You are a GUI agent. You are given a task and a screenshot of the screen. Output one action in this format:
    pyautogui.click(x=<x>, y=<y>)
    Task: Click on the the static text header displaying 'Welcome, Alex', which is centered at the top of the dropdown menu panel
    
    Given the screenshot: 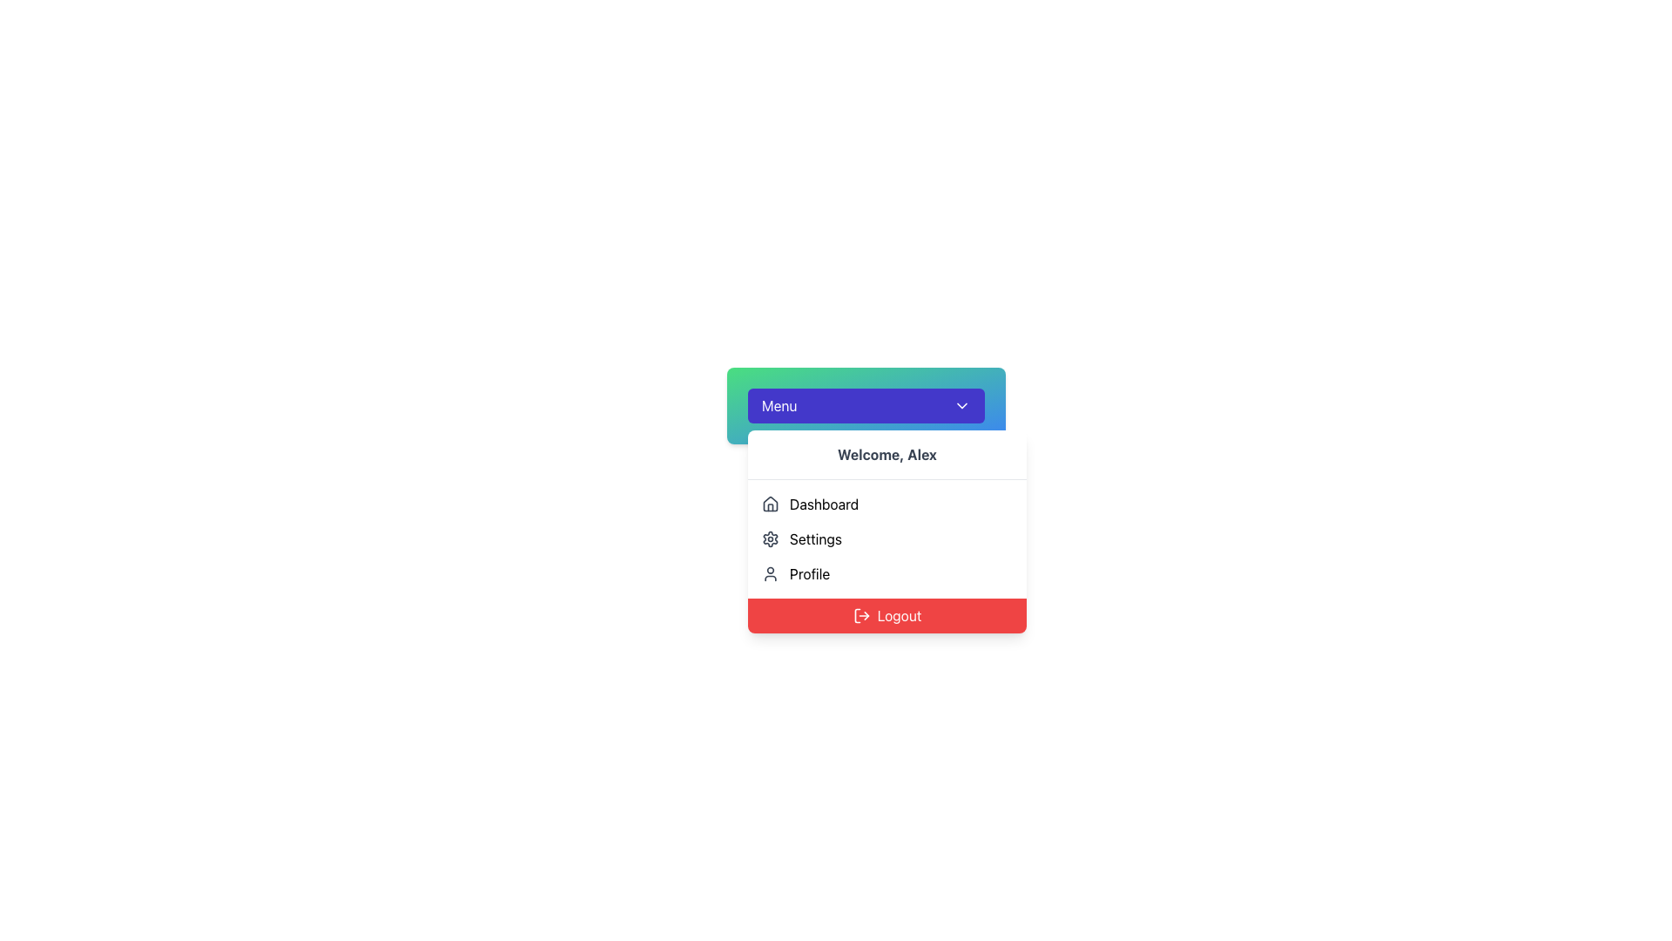 What is the action you would take?
    pyautogui.click(x=887, y=454)
    